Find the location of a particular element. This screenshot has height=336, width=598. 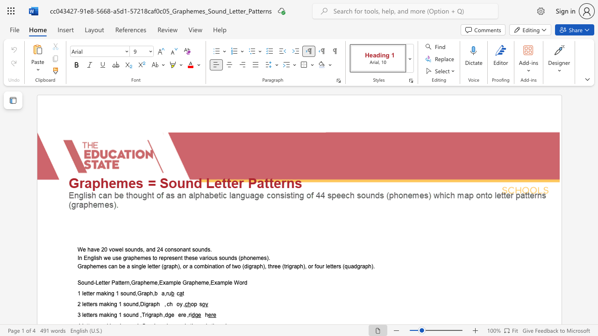

the subset text "rs making 1 sound" within the text "2 letters making 1 sound,Digraph      , ch    oy ," is located at coordinates (93, 304).